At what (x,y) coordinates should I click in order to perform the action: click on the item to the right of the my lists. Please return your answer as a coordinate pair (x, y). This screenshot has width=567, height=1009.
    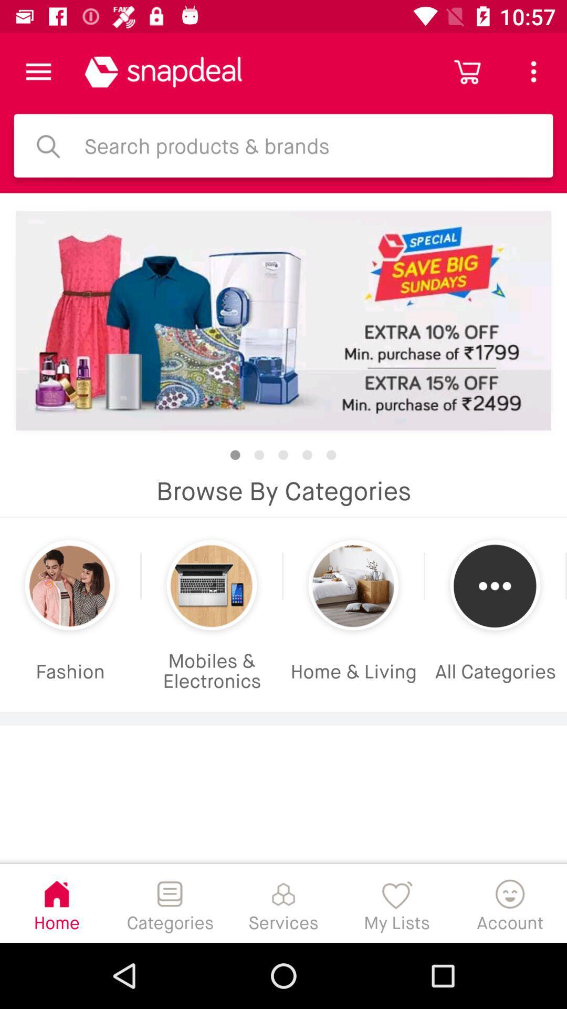
    Looking at the image, I should click on (510, 902).